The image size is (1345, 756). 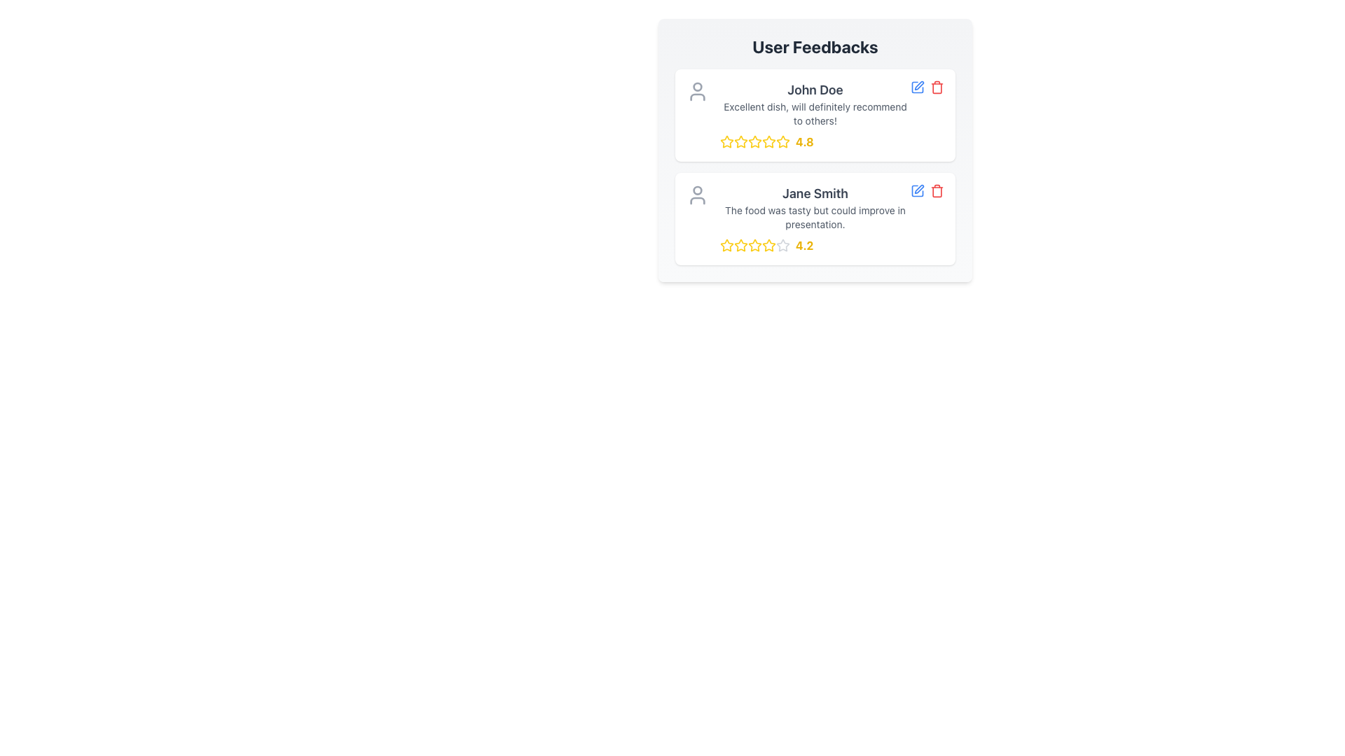 What do you see at coordinates (782, 245) in the screenshot?
I see `the fifth star-shaped icon with a gray interior in the rating system under the 'Jane Smith' review card` at bounding box center [782, 245].